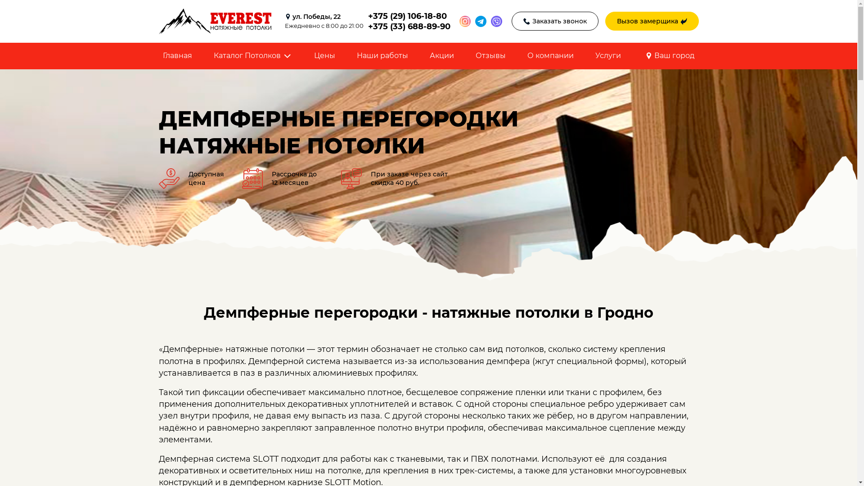  Describe the element at coordinates (409, 16) in the screenshot. I see `'+375 (29) 106-18-80'` at that location.